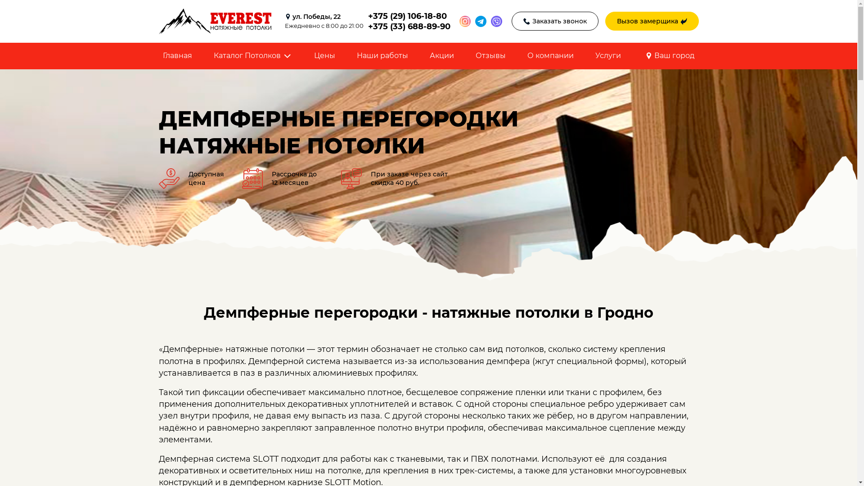  Describe the element at coordinates (409, 16) in the screenshot. I see `'+375 (29) 106-18-80'` at that location.